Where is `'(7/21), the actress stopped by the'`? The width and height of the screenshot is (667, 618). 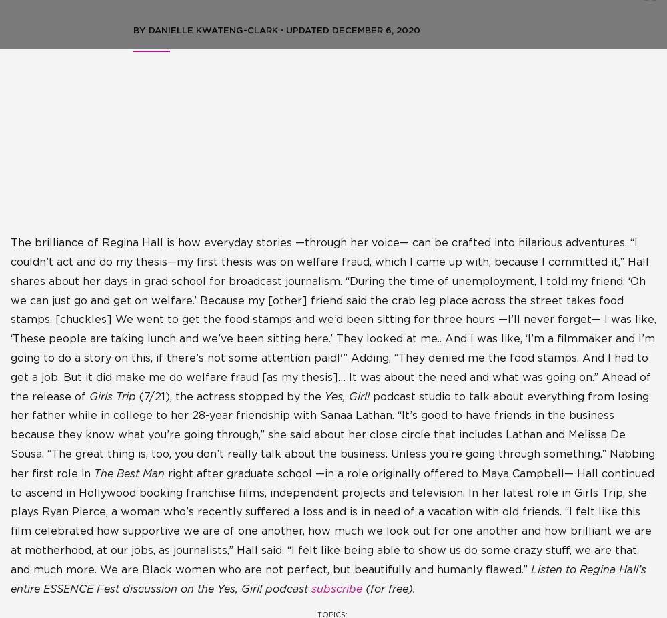
'(7/21), the actress stopped by the' is located at coordinates (229, 396).